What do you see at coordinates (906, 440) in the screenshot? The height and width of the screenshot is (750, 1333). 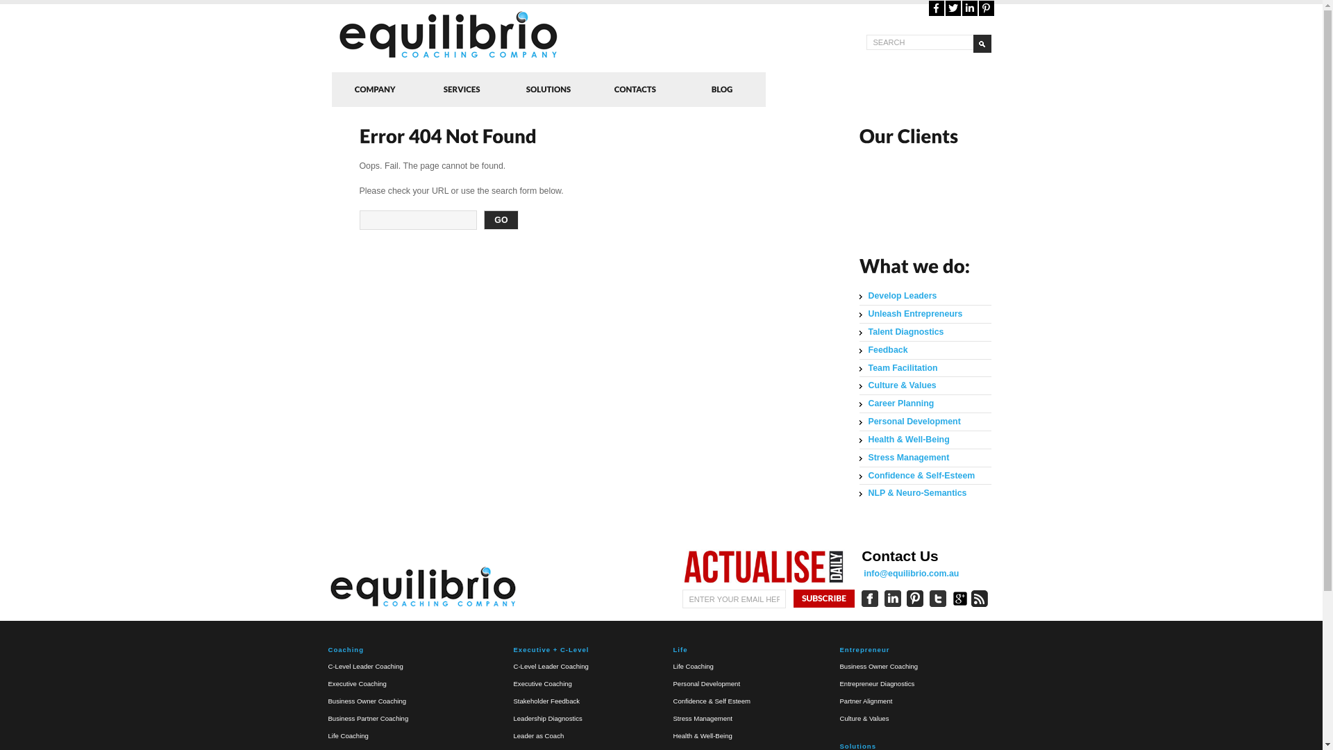 I see `'Health & Well-Being'` at bounding box center [906, 440].